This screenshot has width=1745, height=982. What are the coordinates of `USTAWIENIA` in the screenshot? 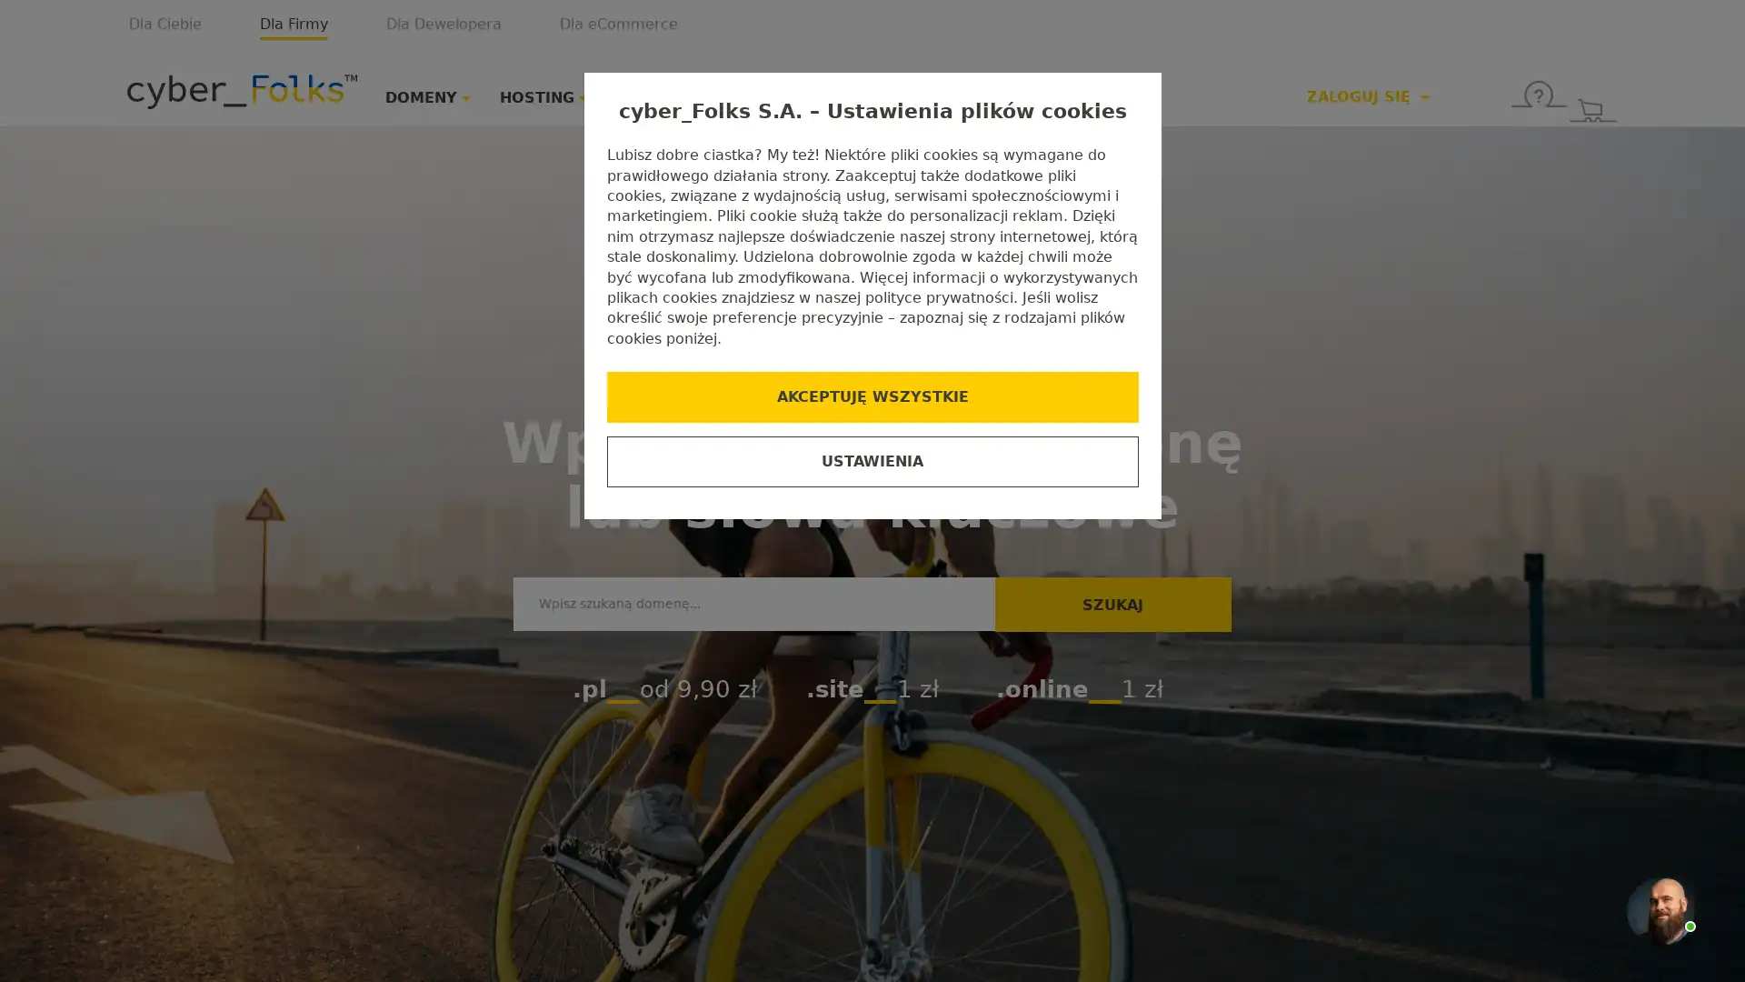 It's located at (871, 461).